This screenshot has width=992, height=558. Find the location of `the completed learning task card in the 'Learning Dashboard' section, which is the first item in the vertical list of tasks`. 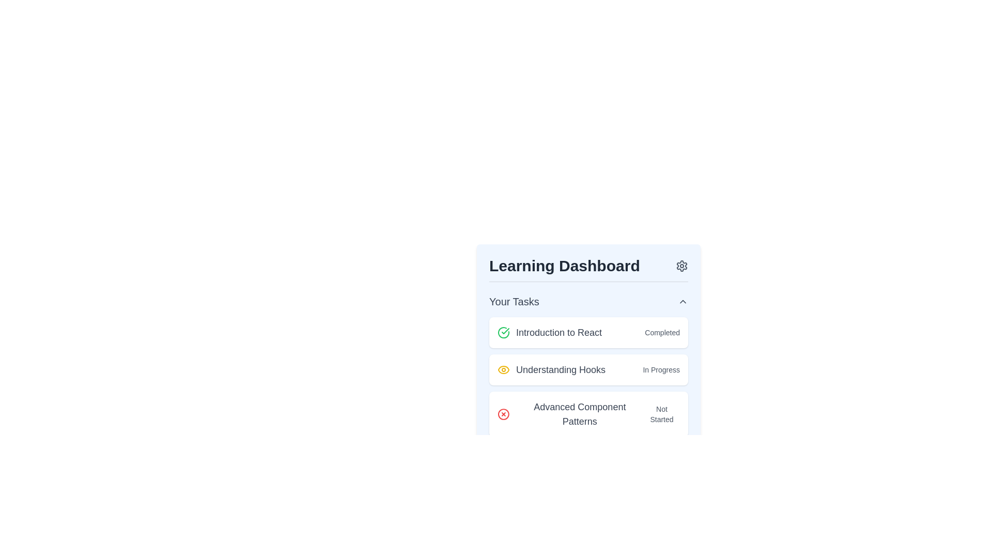

the completed learning task card in the 'Learning Dashboard' section, which is the first item in the vertical list of tasks is located at coordinates (588, 333).